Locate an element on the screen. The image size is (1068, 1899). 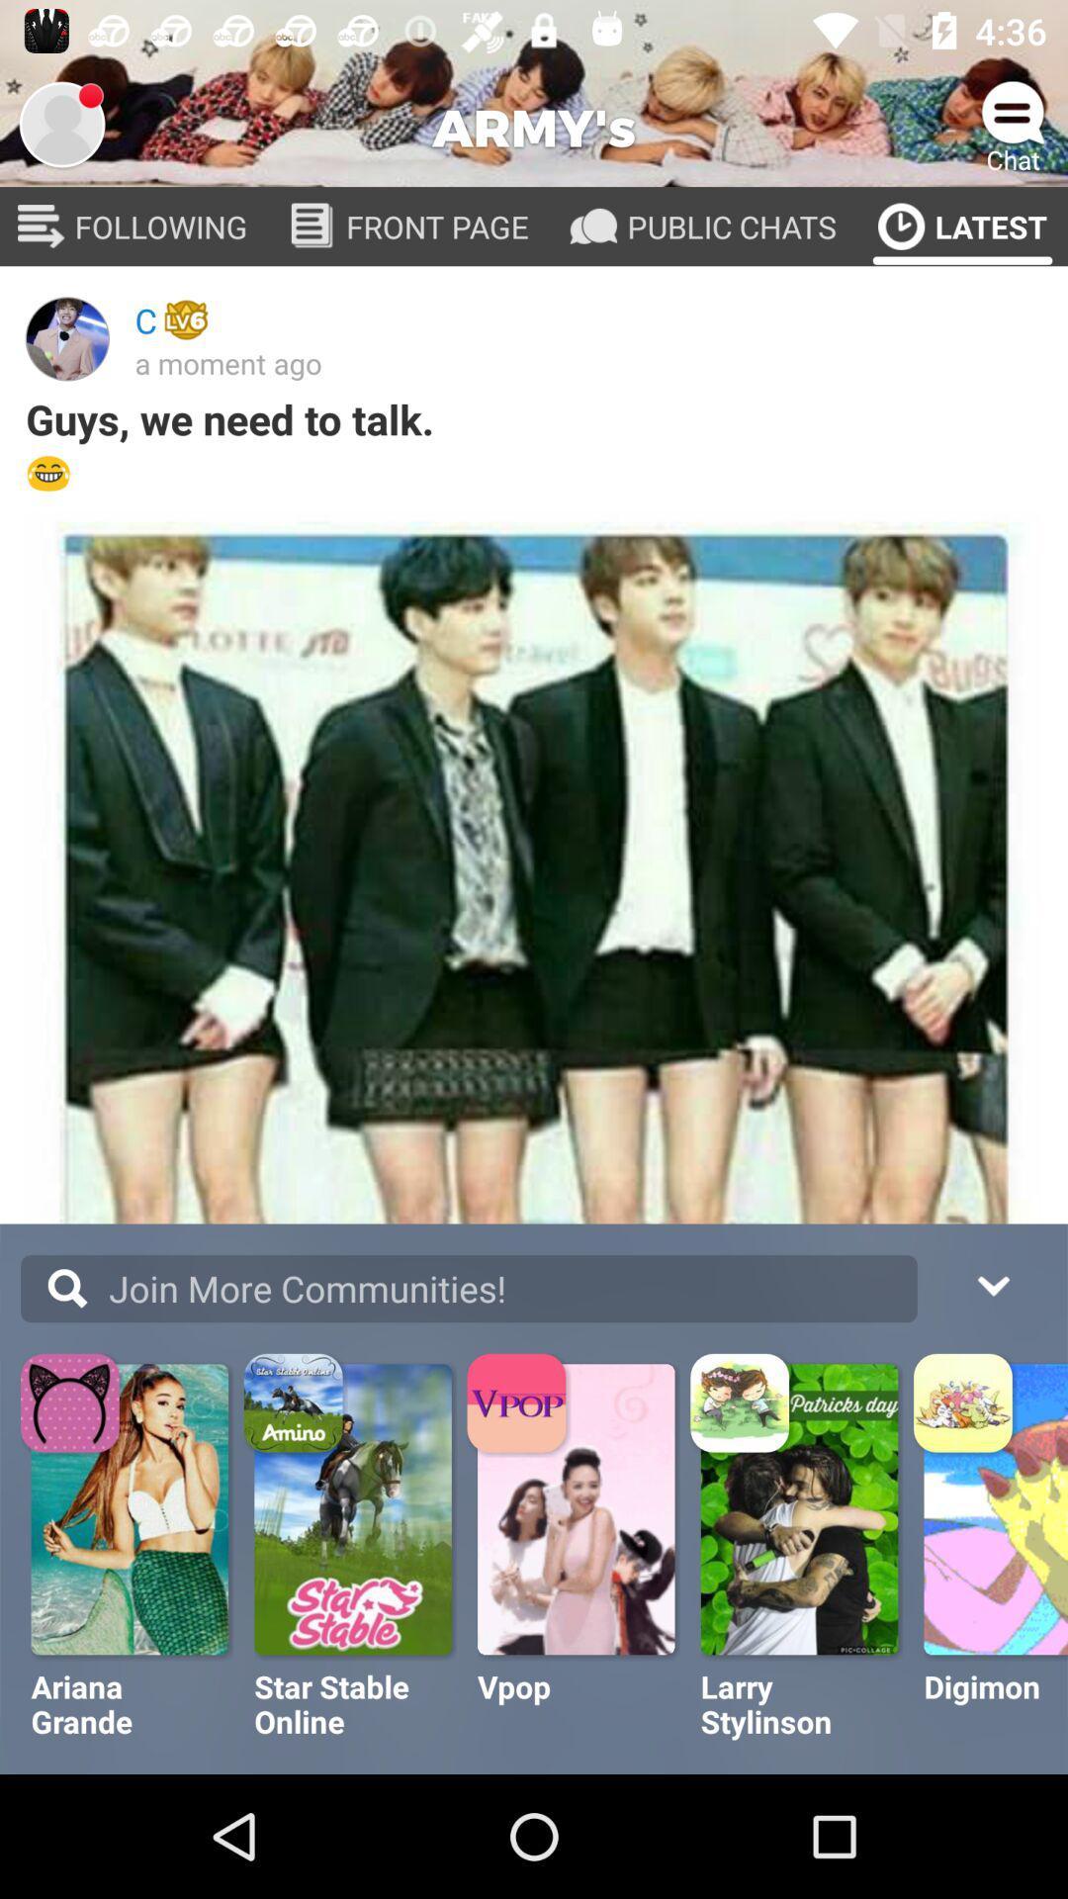
the option that looks like a head band in the bottom left is located at coordinates (71, 1404).